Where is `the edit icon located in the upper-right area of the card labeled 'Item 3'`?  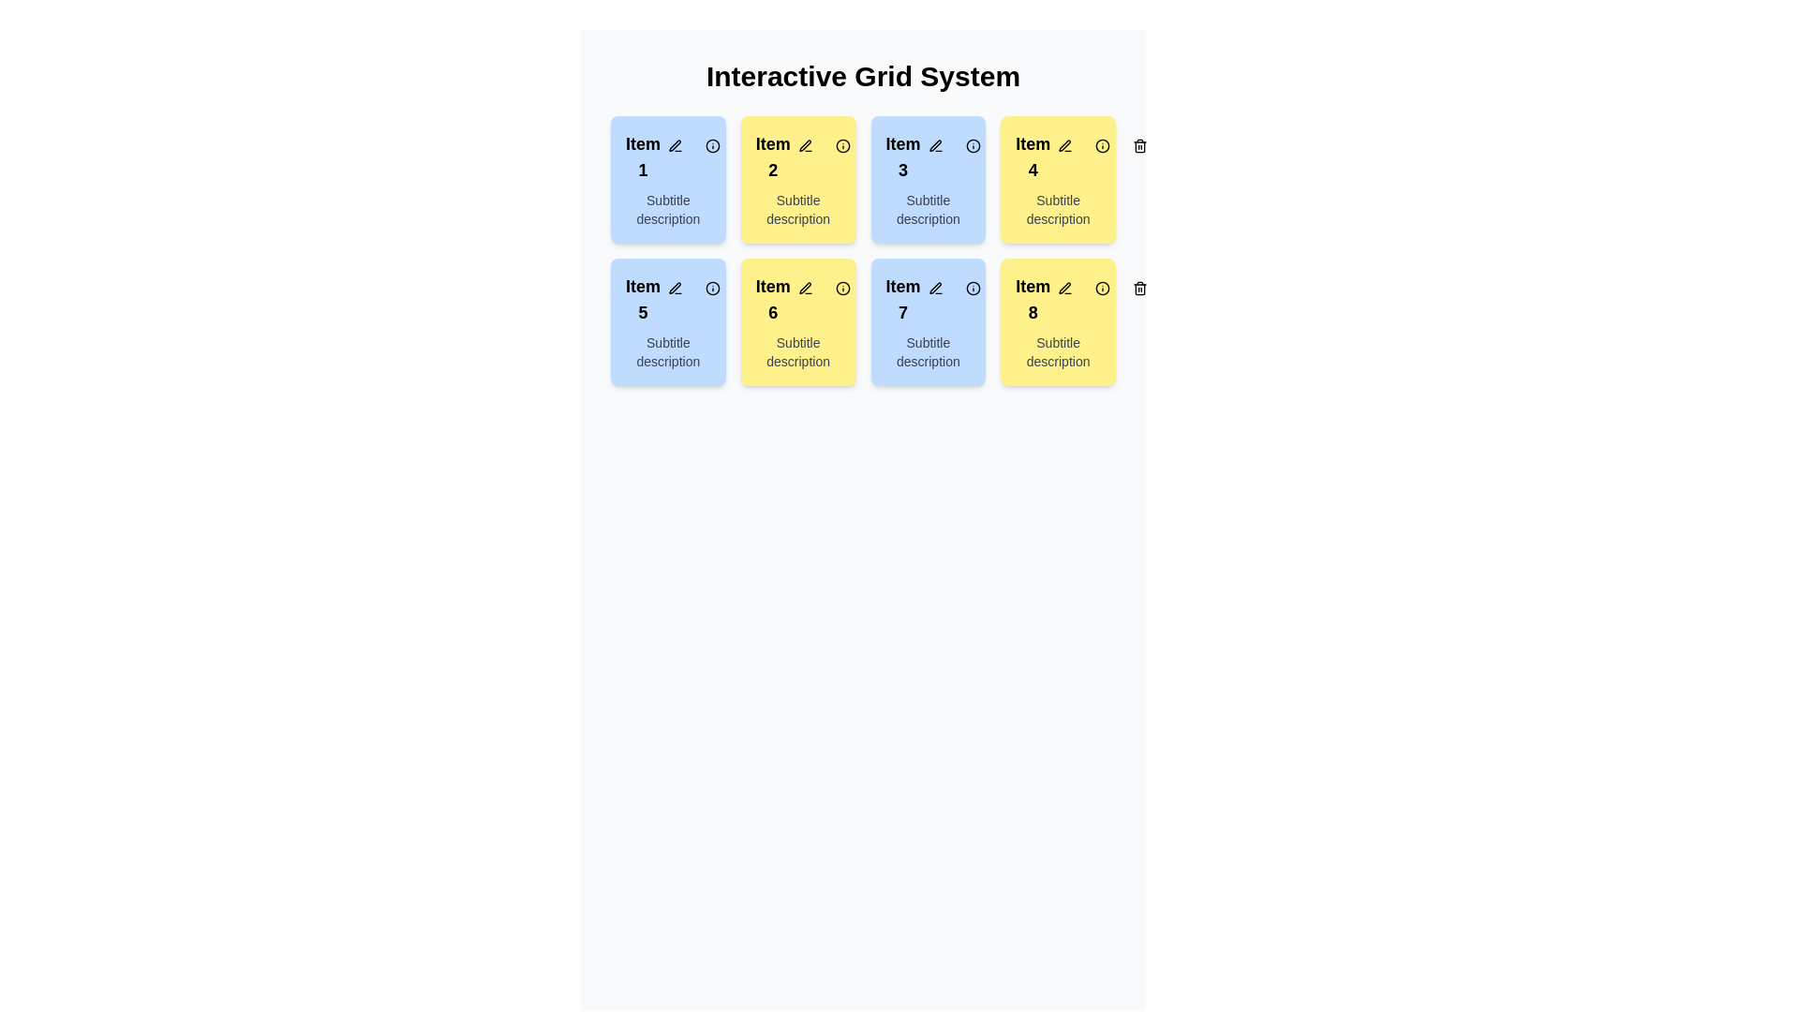 the edit icon located in the upper-right area of the card labeled 'Item 3' is located at coordinates (935, 143).